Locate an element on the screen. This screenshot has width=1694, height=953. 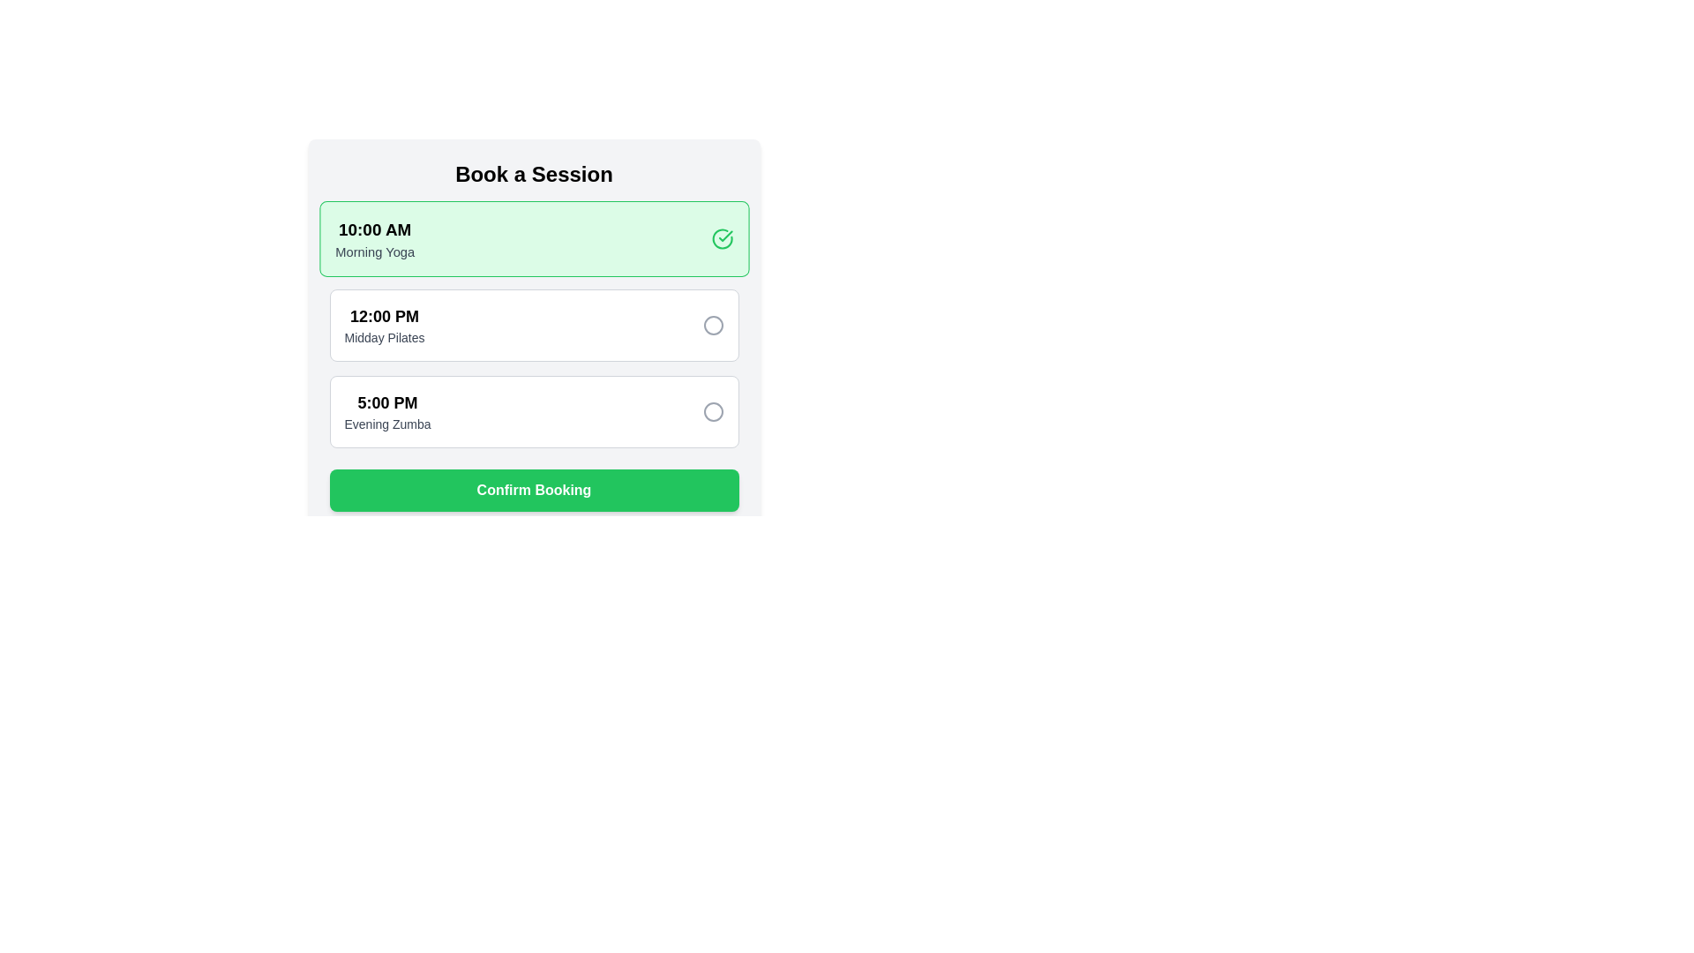
time displayed for the 'Midday Pilates' session, which is located above the text within the 'Book a Session' interface is located at coordinates (384, 315).